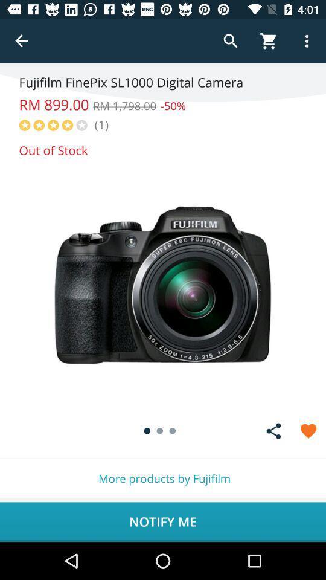 Image resolution: width=326 pixels, height=580 pixels. Describe the element at coordinates (22, 41) in the screenshot. I see `back button` at that location.